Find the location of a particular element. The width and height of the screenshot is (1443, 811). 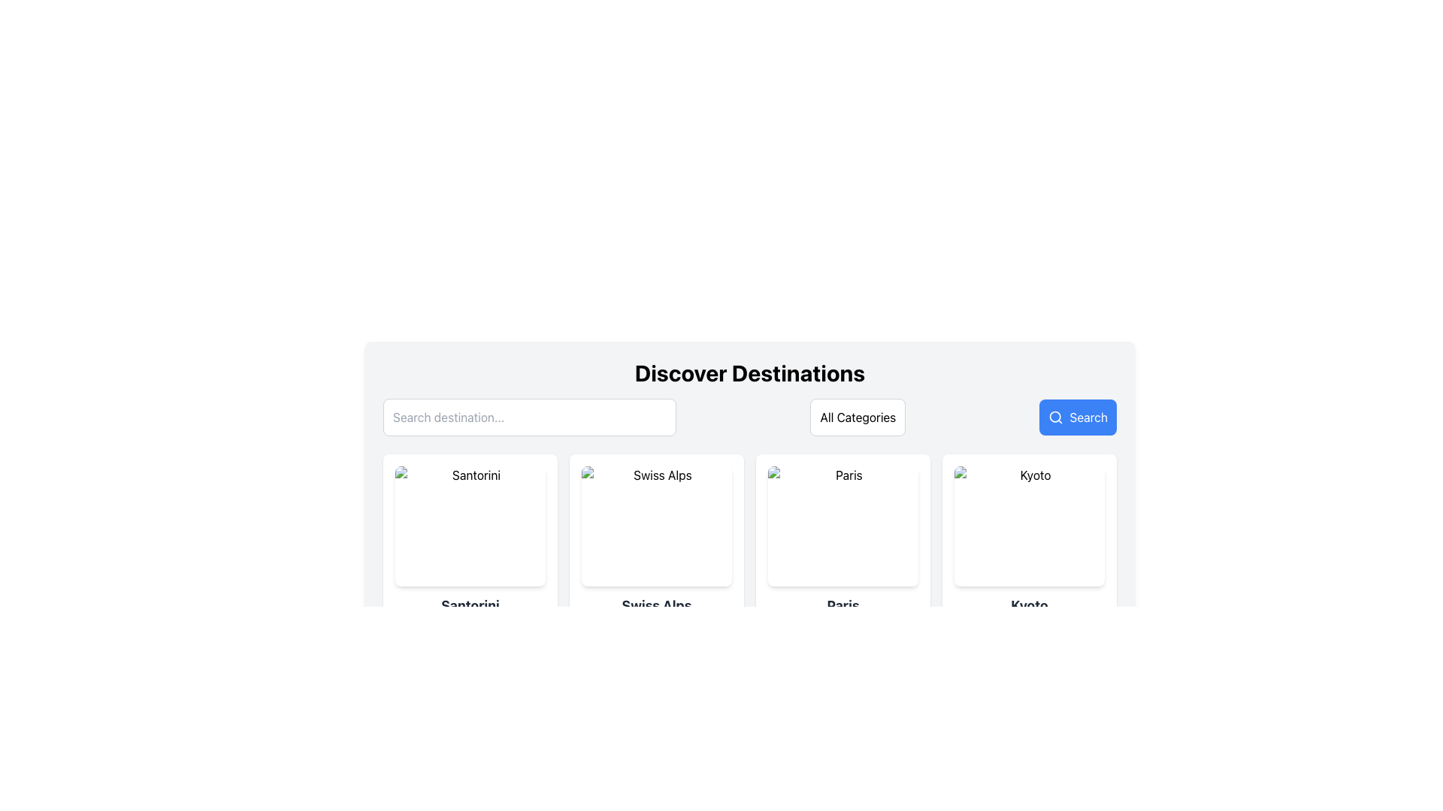

the rectangular image with rounded corners located at the top part of the card labeled 'Kyoto' is located at coordinates (1028, 526).